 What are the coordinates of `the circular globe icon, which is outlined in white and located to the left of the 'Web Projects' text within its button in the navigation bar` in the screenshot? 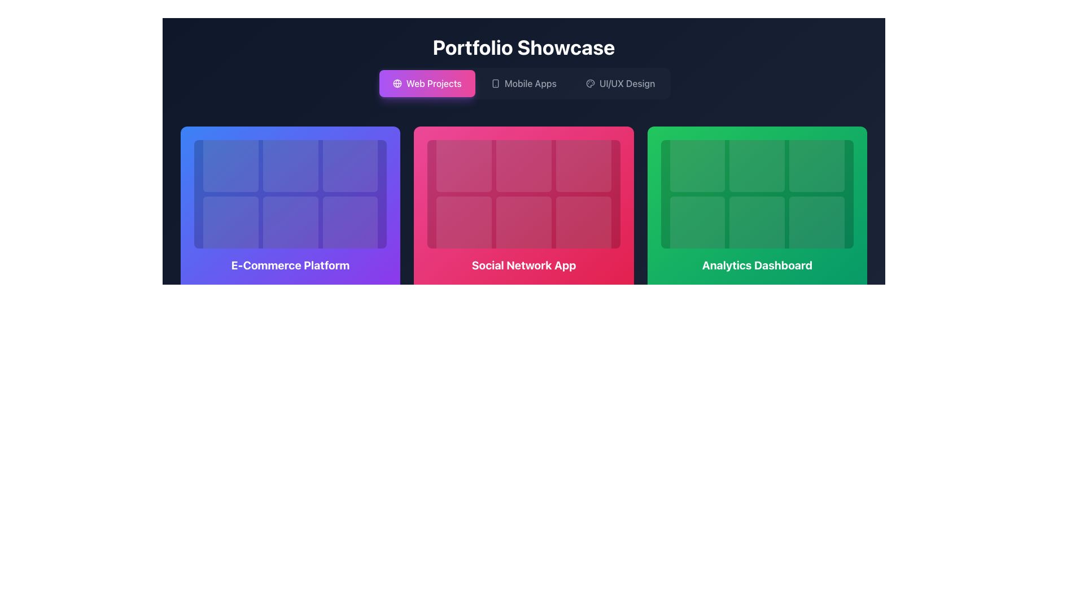 It's located at (397, 82).